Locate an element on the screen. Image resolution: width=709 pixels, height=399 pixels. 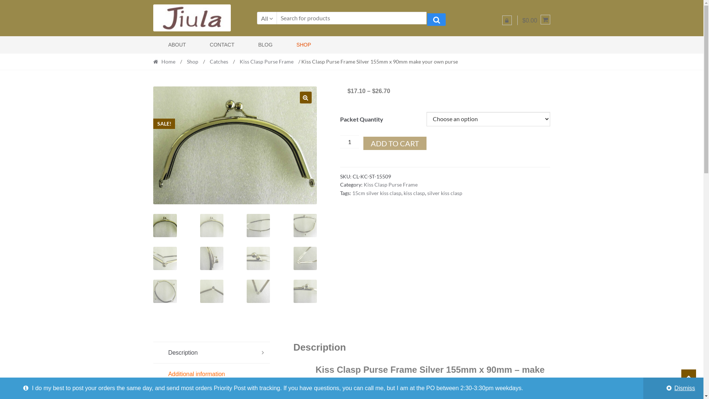
'Home' is located at coordinates (166, 61).